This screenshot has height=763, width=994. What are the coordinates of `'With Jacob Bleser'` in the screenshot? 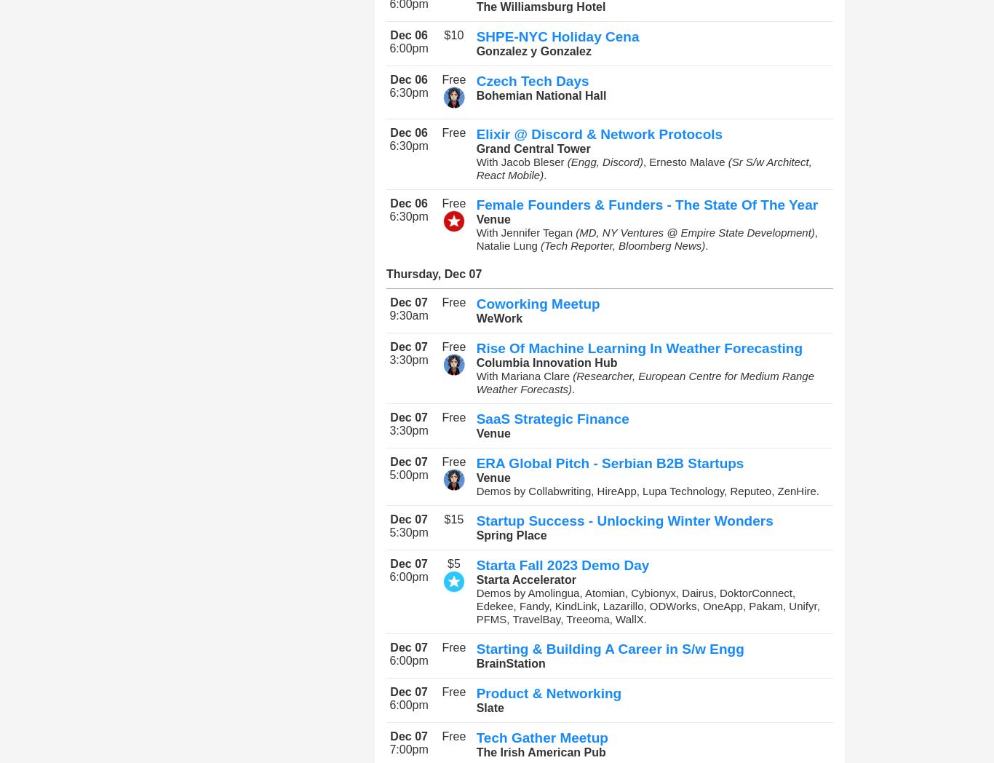 It's located at (521, 162).